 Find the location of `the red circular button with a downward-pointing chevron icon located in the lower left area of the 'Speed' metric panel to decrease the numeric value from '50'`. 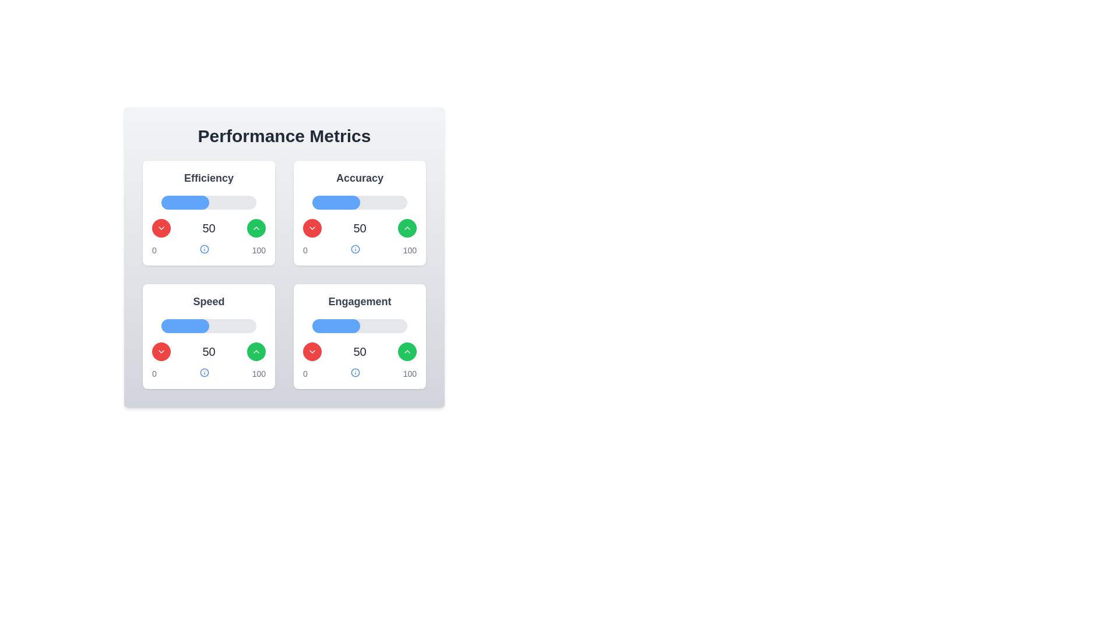

the red circular button with a downward-pointing chevron icon located in the lower left area of the 'Speed' metric panel to decrease the numeric value from '50' is located at coordinates (161, 351).